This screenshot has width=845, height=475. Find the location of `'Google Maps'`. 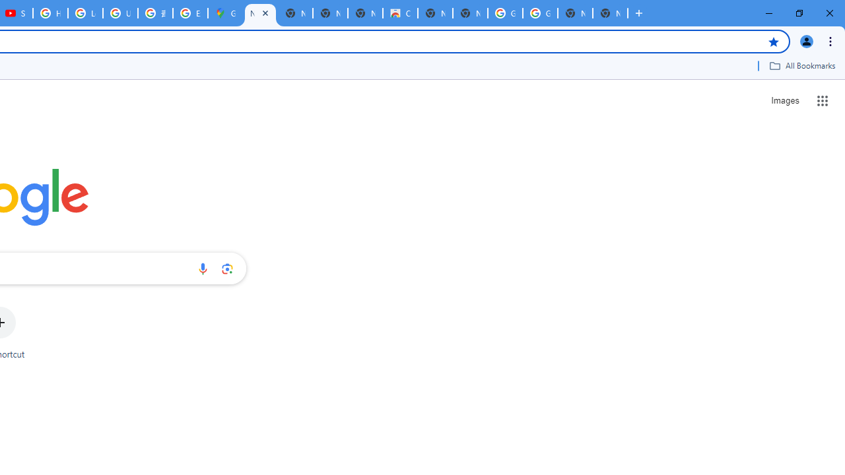

'Google Maps' is located at coordinates (225, 13).